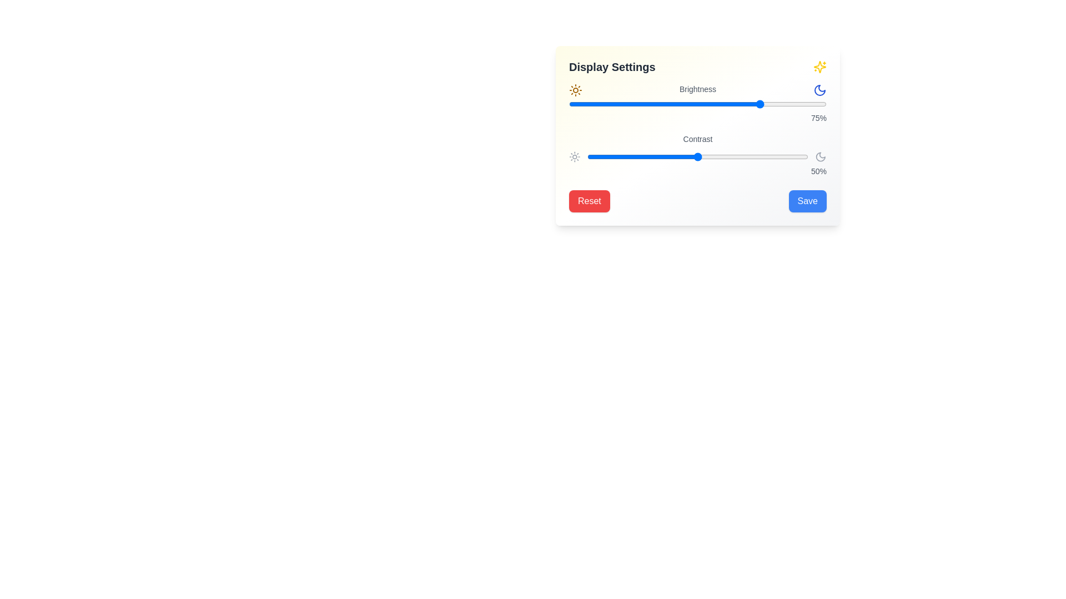  What do you see at coordinates (781, 156) in the screenshot?
I see `contrast` at bounding box center [781, 156].